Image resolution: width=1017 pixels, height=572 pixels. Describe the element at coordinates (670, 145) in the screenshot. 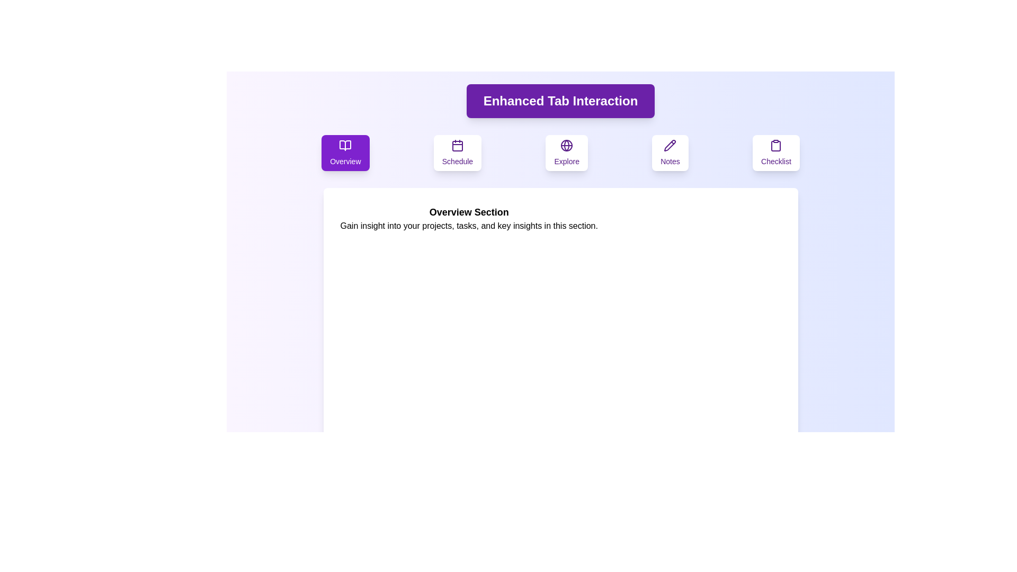

I see `the pencil icon located within the 'Notes' button in the navigation bar` at that location.